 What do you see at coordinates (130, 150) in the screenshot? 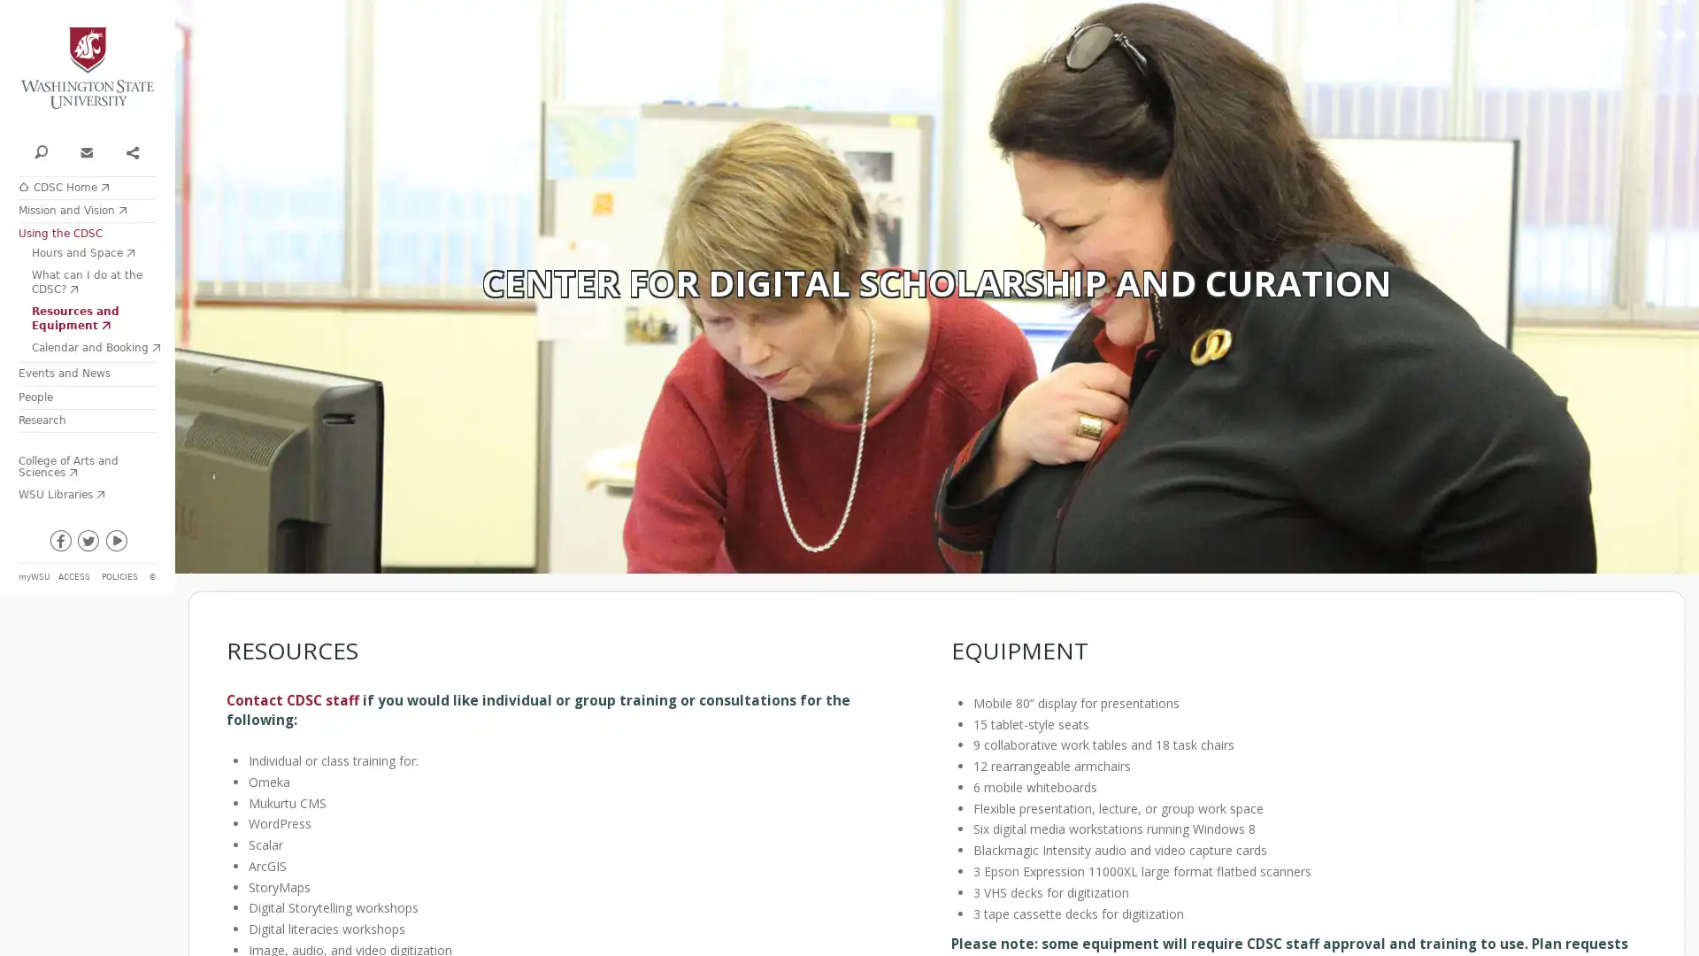
I see `Share` at bounding box center [130, 150].